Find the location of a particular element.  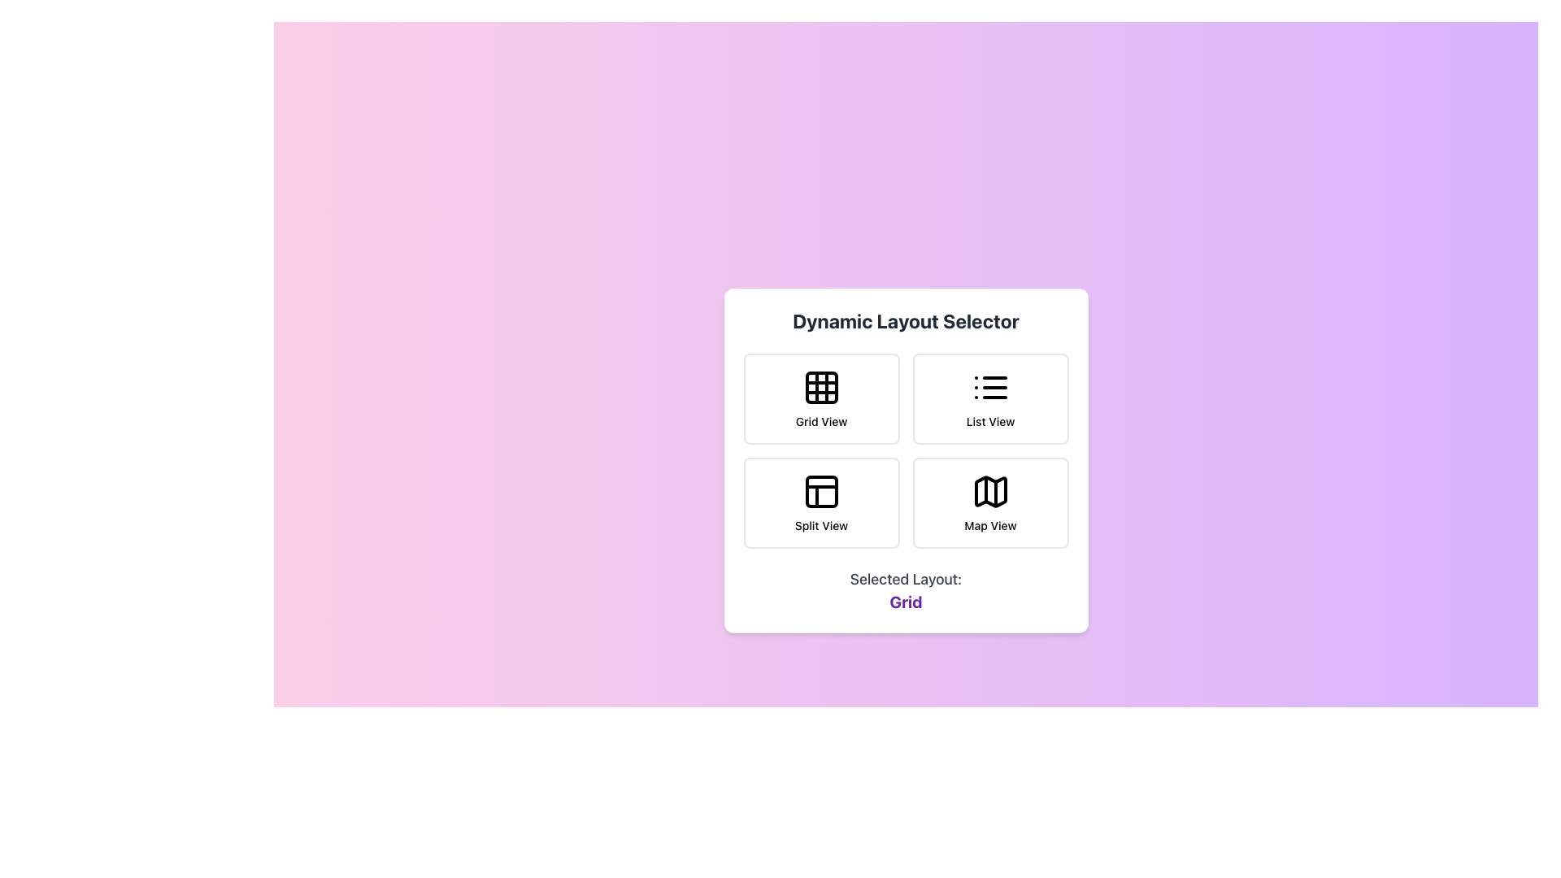

the SVG-based map icon located in the bottom-right section of the grid layout, above the 'Map View' text label is located at coordinates (989, 491).